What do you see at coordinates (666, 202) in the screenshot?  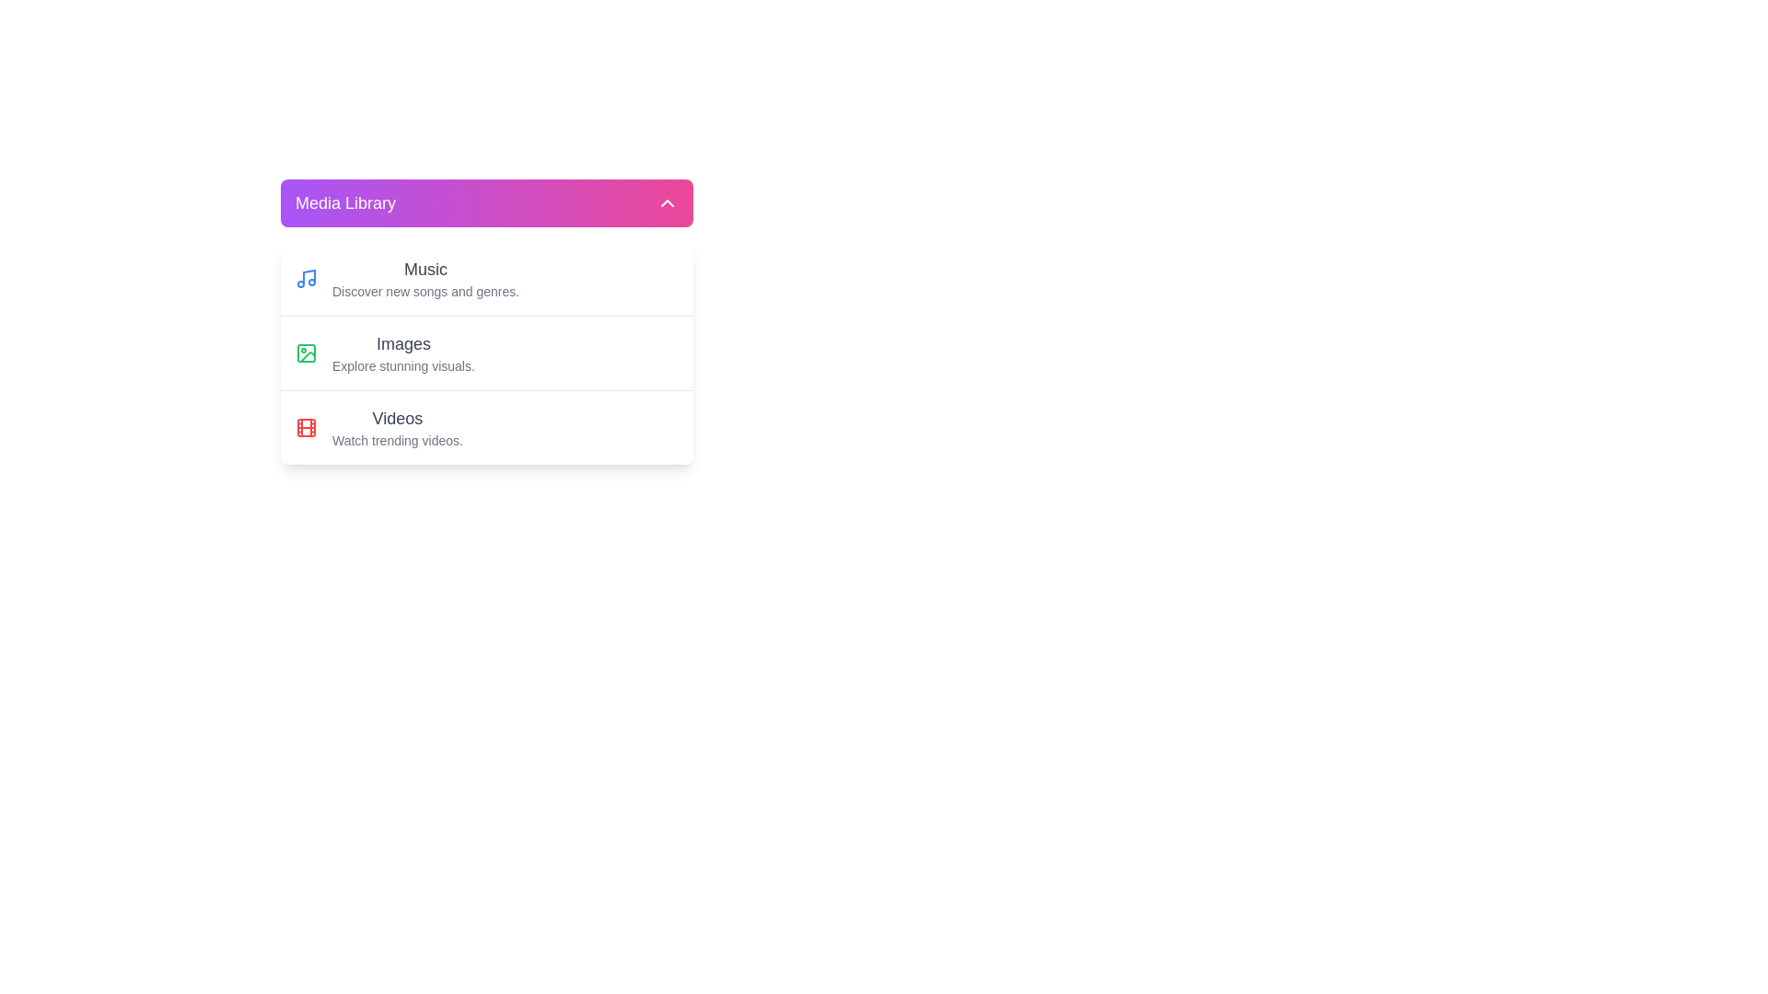 I see `the chevron icon located at the top-right corner of the 'Media Library' header bar` at bounding box center [666, 202].